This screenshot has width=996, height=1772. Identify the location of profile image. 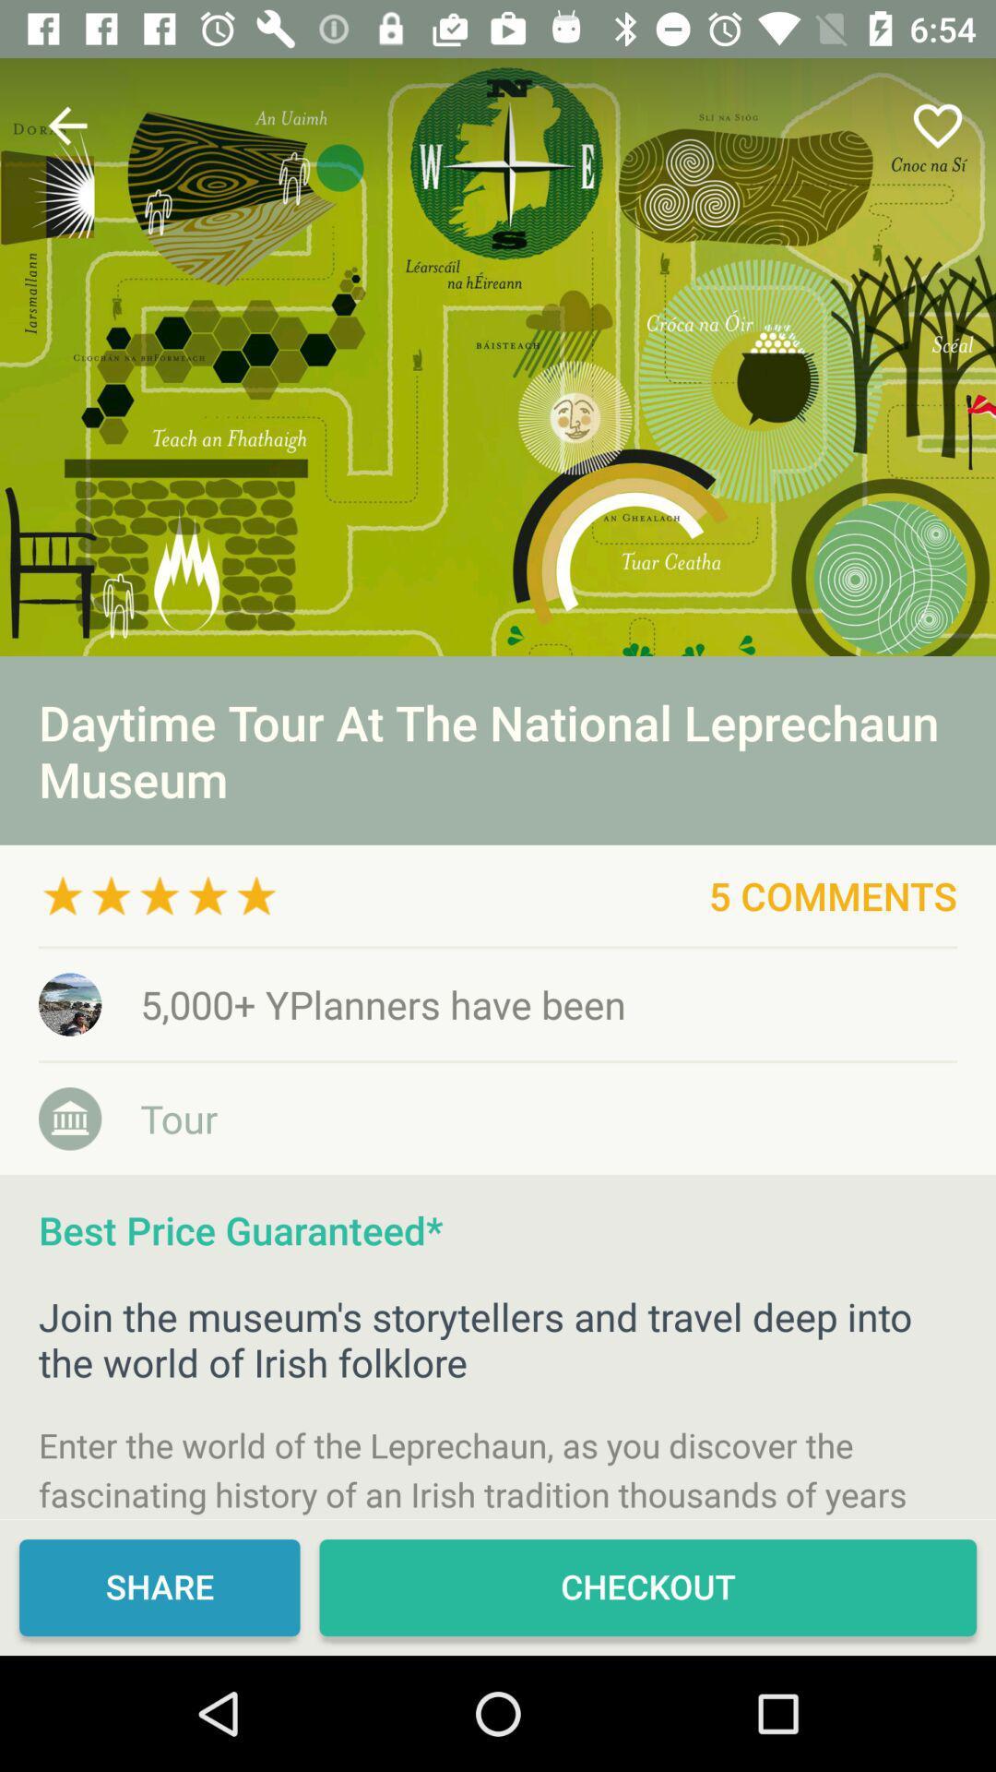
(498, 357).